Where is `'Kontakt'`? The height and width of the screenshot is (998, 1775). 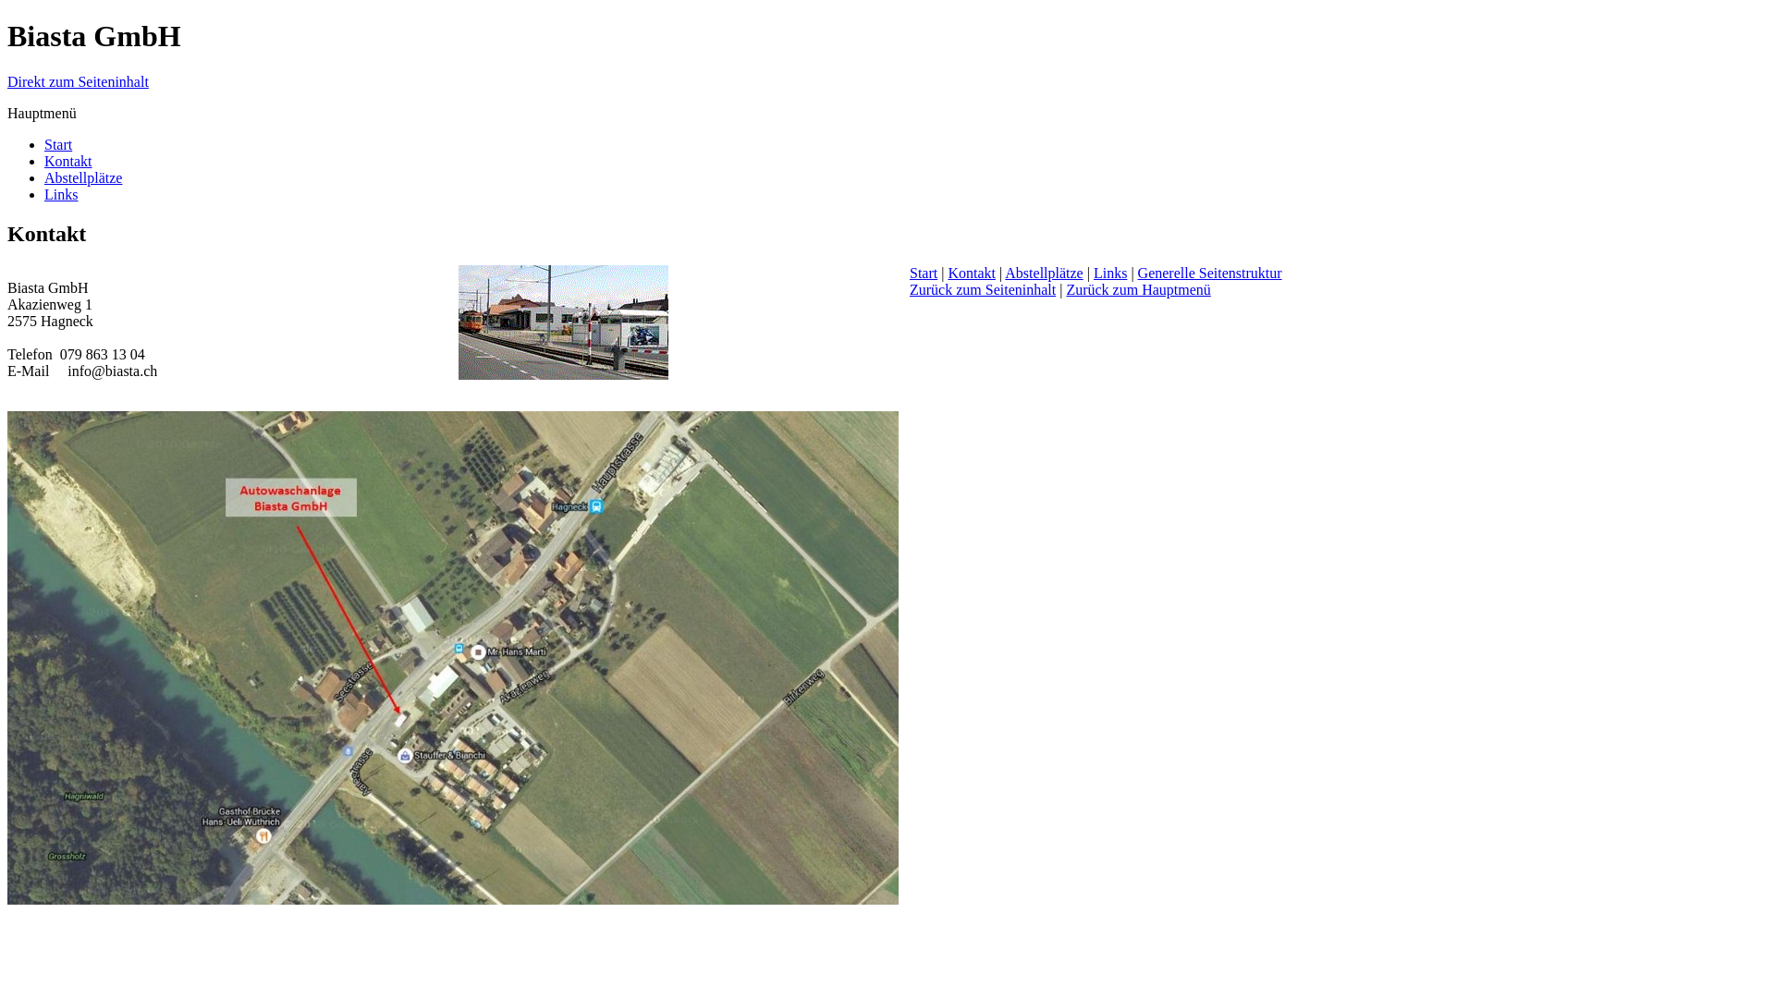
'Kontakt' is located at coordinates (67, 160).